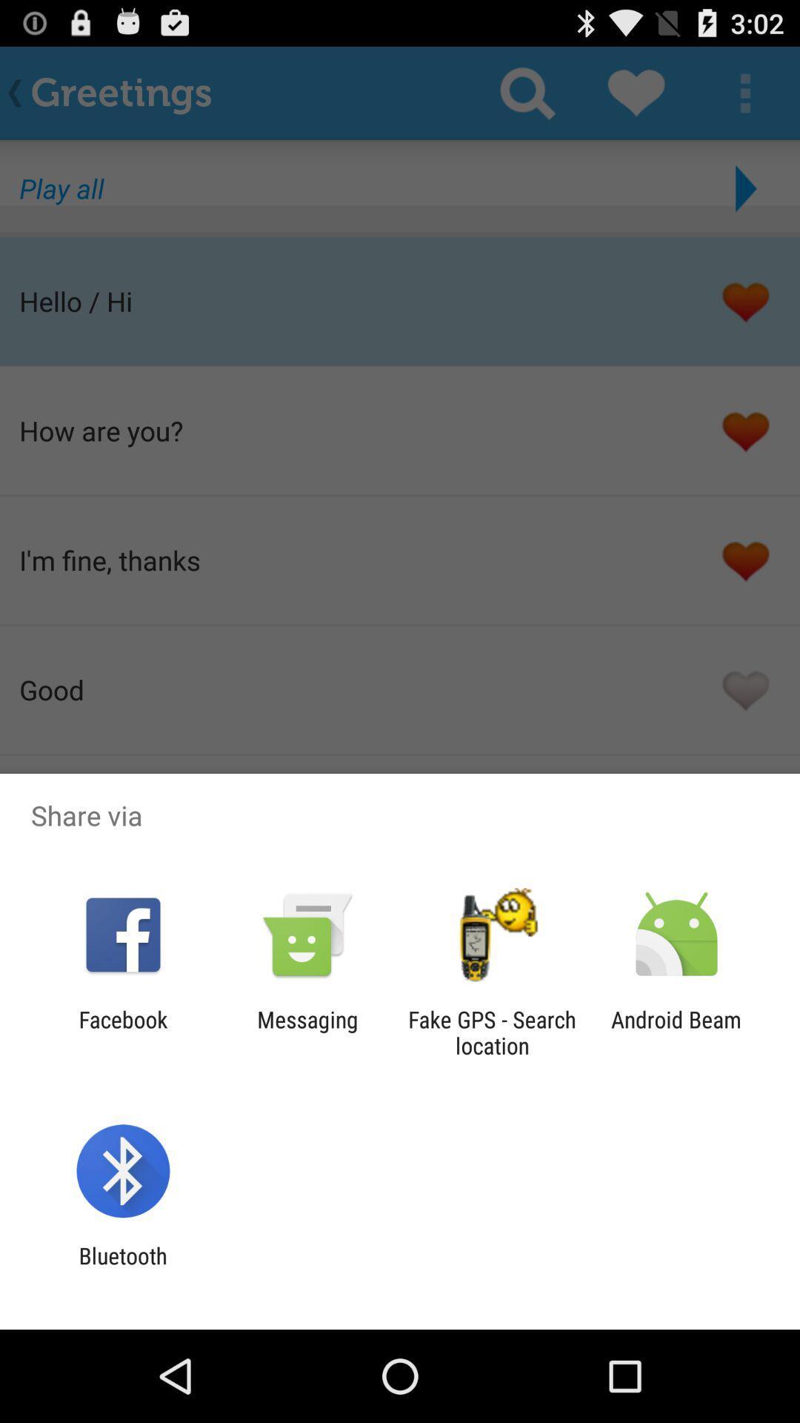 This screenshot has height=1423, width=800. Describe the element at coordinates (307, 1032) in the screenshot. I see `the item next to the facebook item` at that location.